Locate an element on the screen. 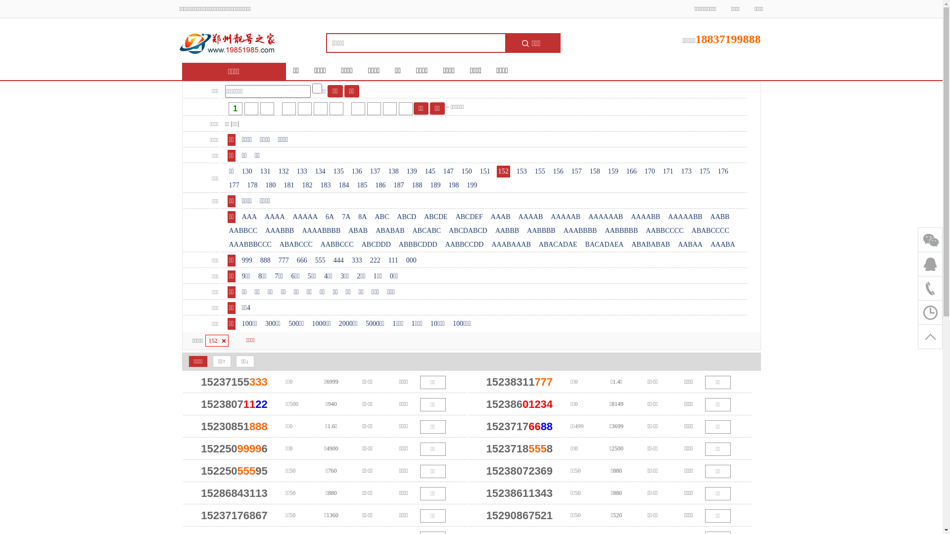  '6A' is located at coordinates (330, 217).